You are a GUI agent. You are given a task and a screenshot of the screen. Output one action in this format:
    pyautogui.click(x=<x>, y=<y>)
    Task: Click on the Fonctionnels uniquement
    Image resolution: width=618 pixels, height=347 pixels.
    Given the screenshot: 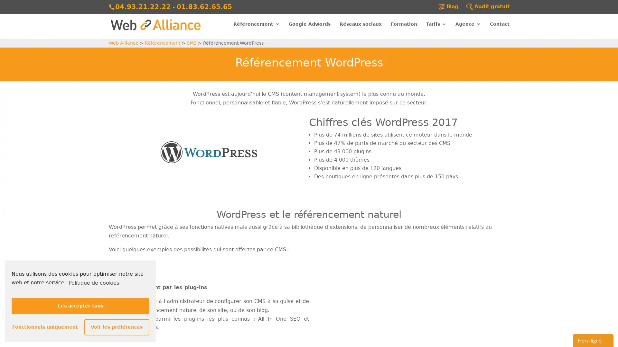 What is the action you would take?
    pyautogui.click(x=44, y=327)
    